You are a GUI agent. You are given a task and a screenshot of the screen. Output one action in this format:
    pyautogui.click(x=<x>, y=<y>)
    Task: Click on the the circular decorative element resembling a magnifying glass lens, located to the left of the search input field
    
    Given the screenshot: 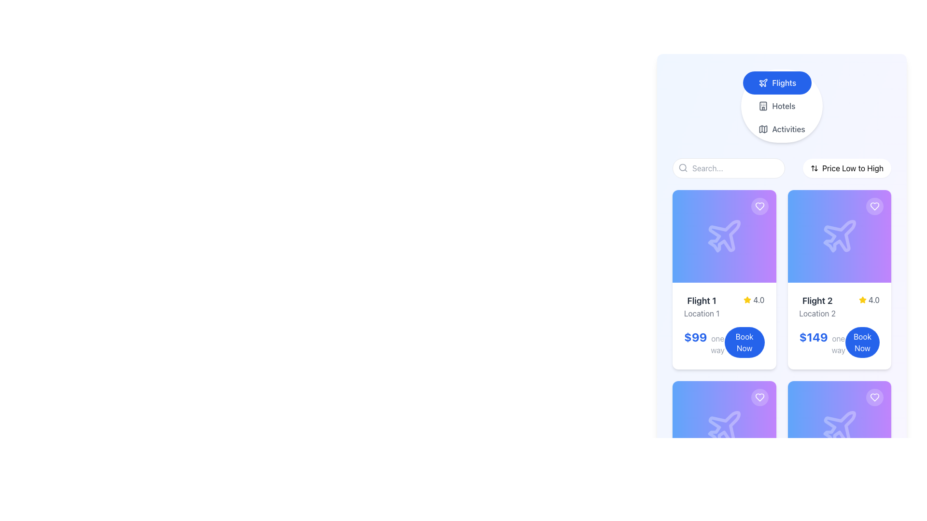 What is the action you would take?
    pyautogui.click(x=682, y=167)
    